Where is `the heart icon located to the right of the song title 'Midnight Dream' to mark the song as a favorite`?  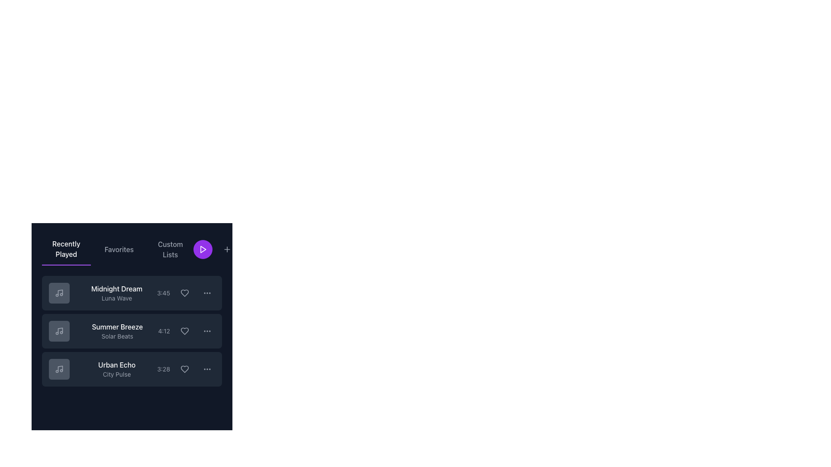
the heart icon located to the right of the song title 'Midnight Dream' to mark the song as a favorite is located at coordinates (184, 293).